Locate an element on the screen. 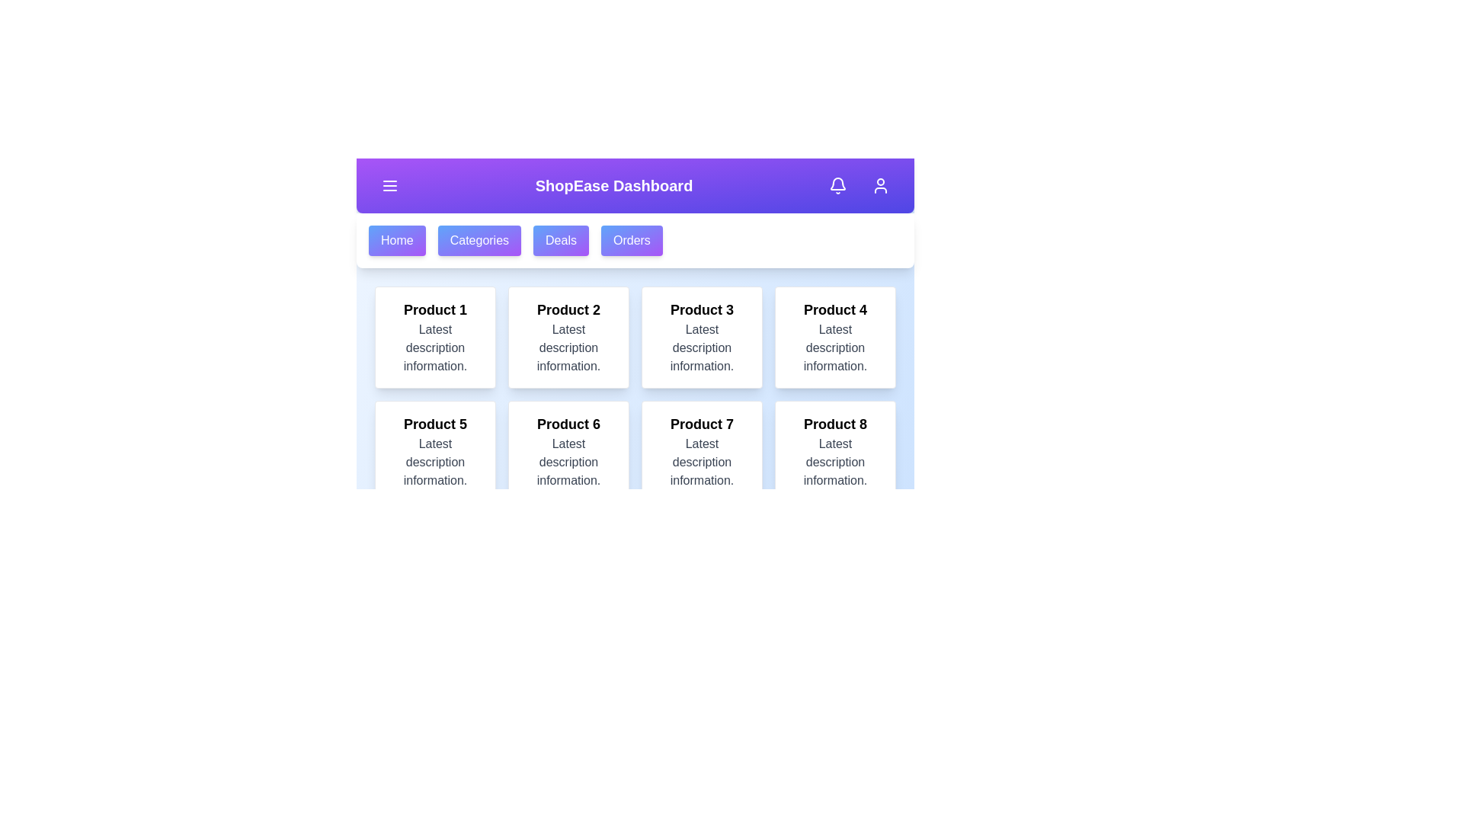 This screenshot has height=823, width=1463. menu toggle button to toggle the main menu visibility is located at coordinates (390, 184).